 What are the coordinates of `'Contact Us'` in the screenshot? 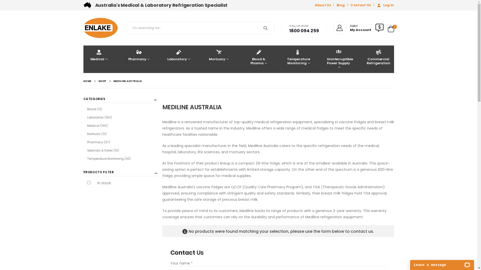 It's located at (360, 5).